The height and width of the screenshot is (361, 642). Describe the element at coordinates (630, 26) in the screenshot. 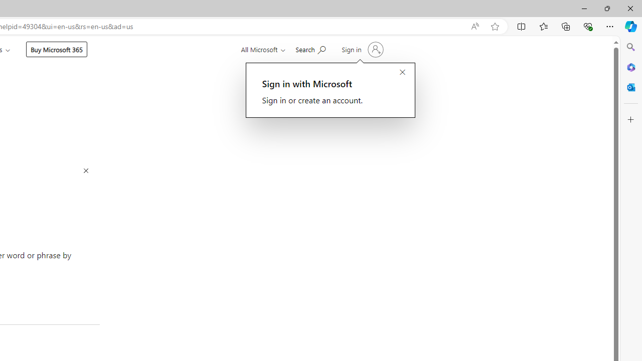

I see `'Copilot (Ctrl+Shift+.)'` at that location.